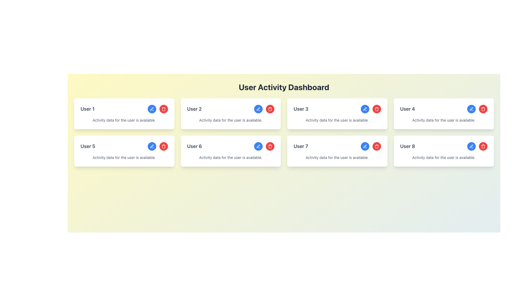  I want to click on the pen icon button within the card labeled 'User 3', so click(365, 109).